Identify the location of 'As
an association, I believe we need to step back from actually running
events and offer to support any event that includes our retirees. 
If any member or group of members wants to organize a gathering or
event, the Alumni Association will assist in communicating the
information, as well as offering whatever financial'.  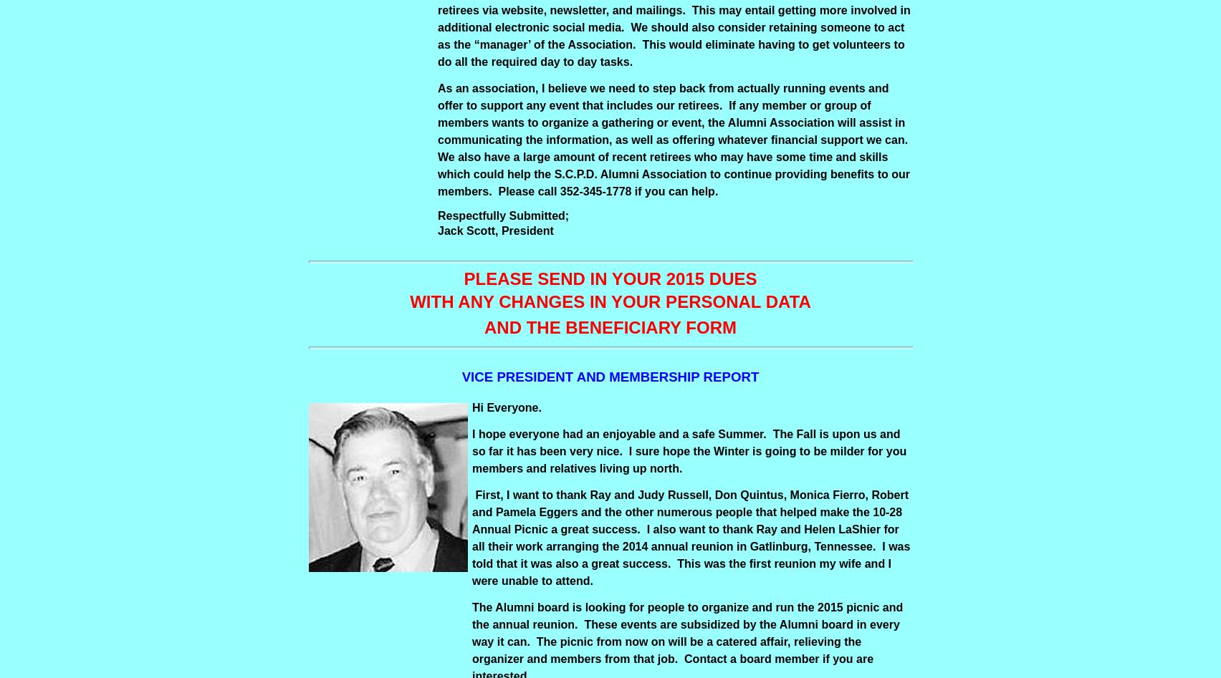
(671, 112).